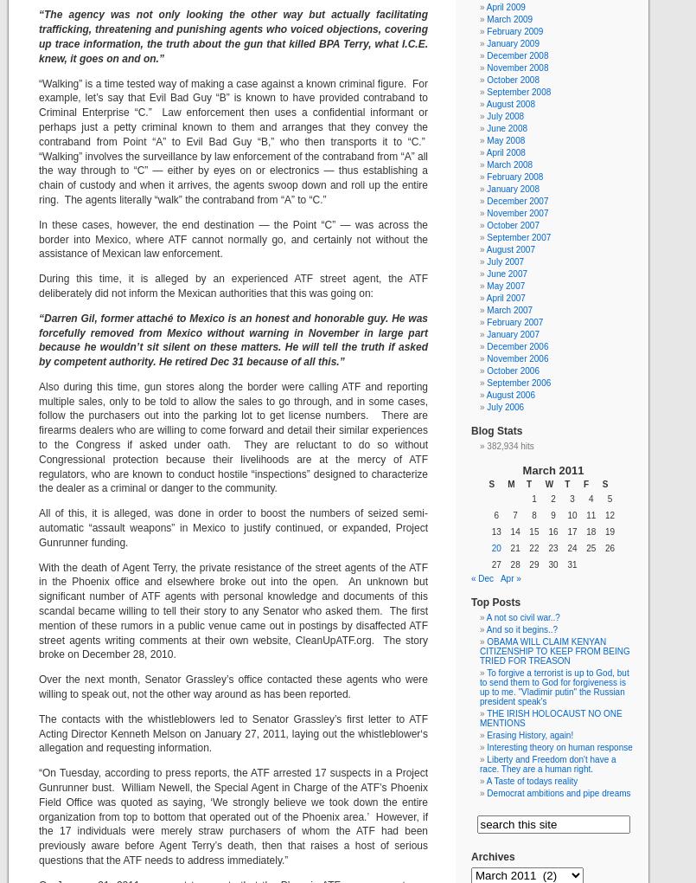 The width and height of the screenshot is (696, 883). I want to click on 'September 2008', so click(518, 91).